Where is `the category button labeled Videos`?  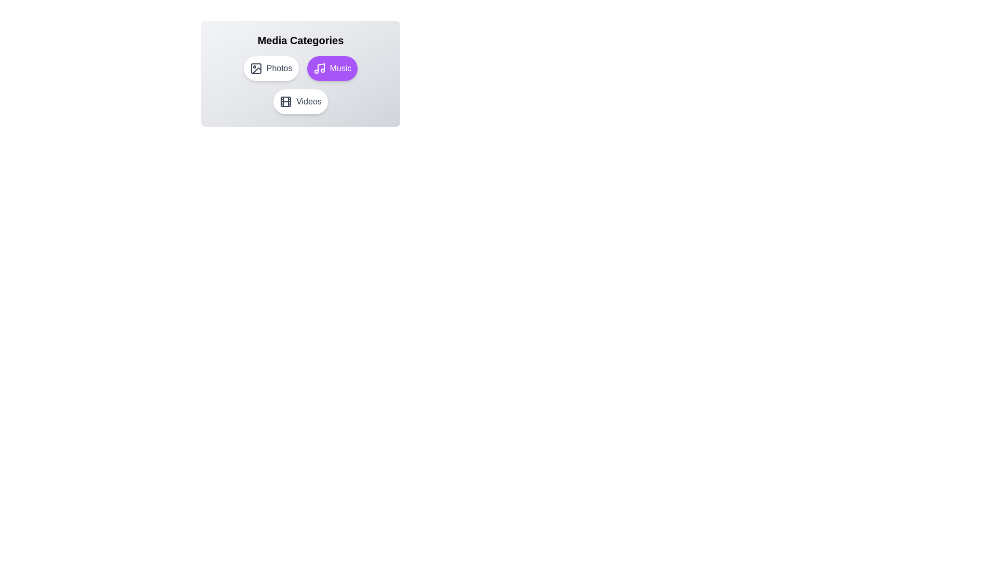
the category button labeled Videos is located at coordinates (300, 102).